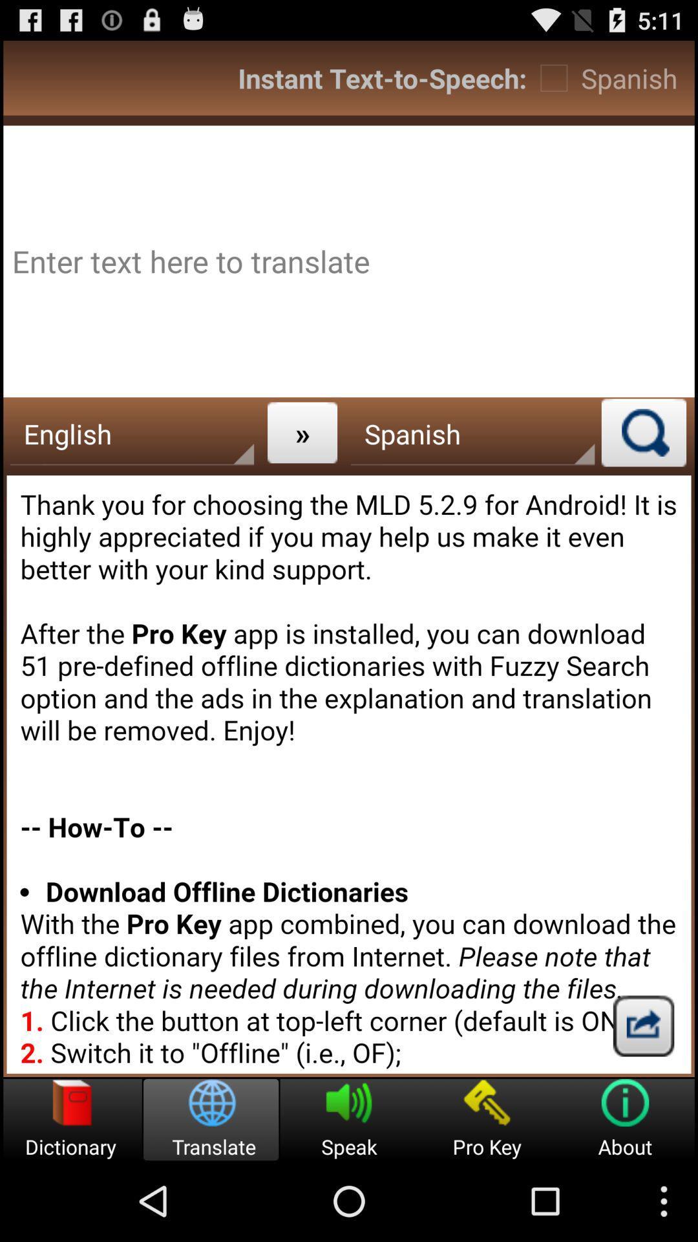 Image resolution: width=698 pixels, height=1242 pixels. What do you see at coordinates (643, 1025) in the screenshot?
I see `button` at bounding box center [643, 1025].